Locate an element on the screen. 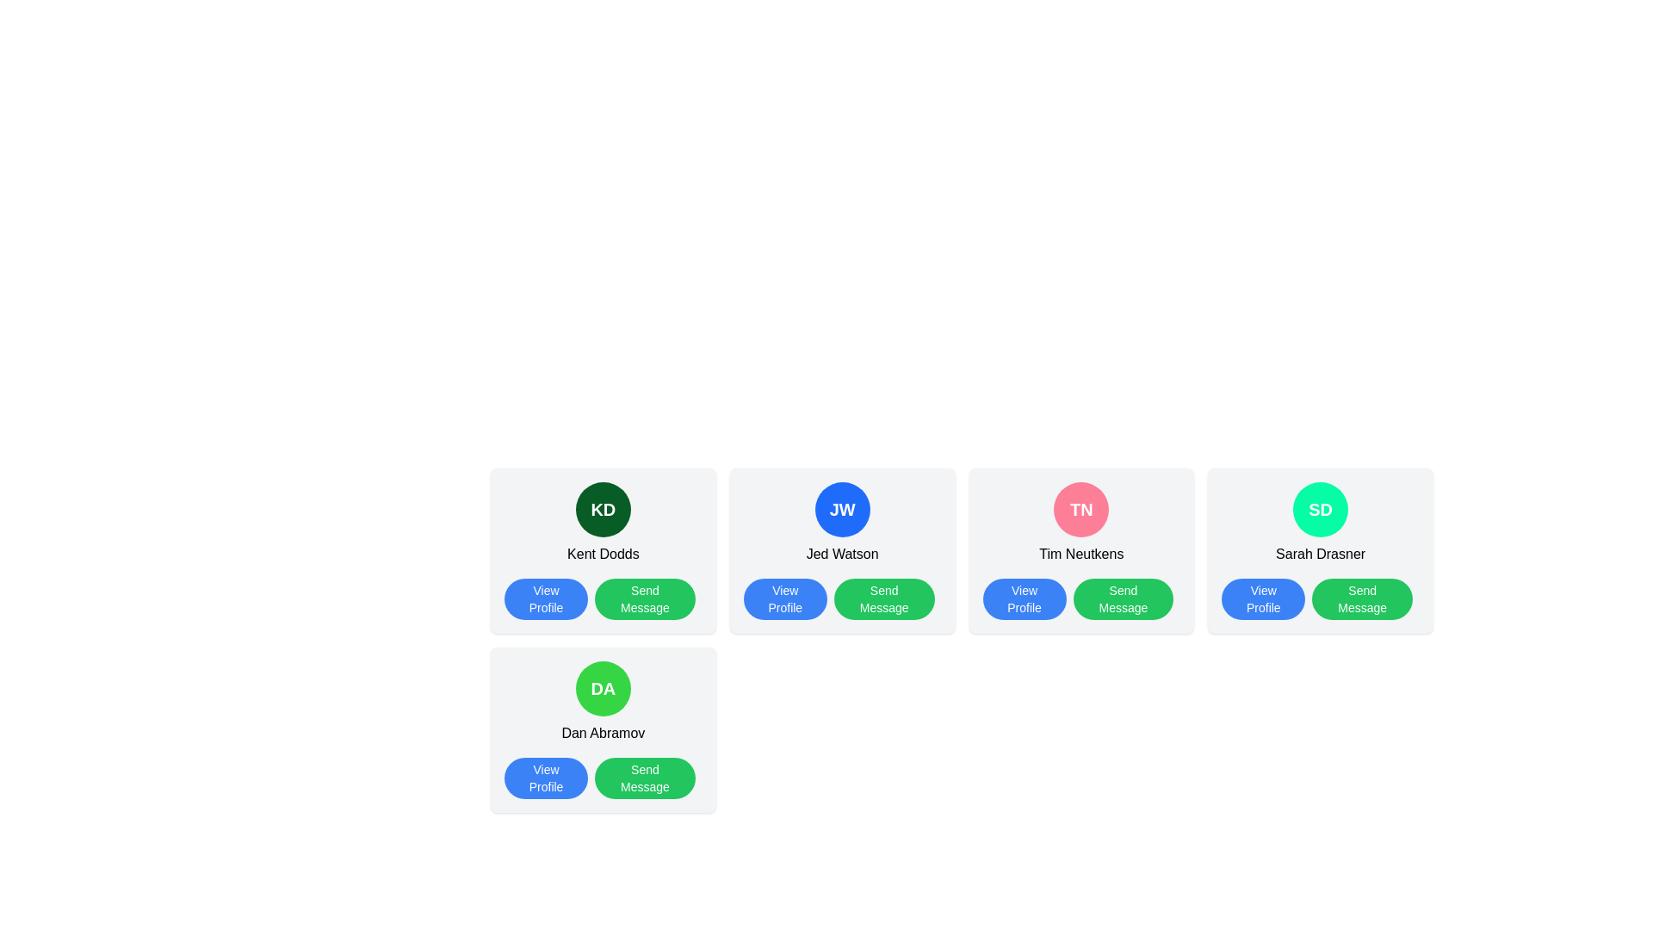  the 'View Profile' button with a blue background and white text, located below the avatar of 'Jed Watson' is located at coordinates (784, 598).